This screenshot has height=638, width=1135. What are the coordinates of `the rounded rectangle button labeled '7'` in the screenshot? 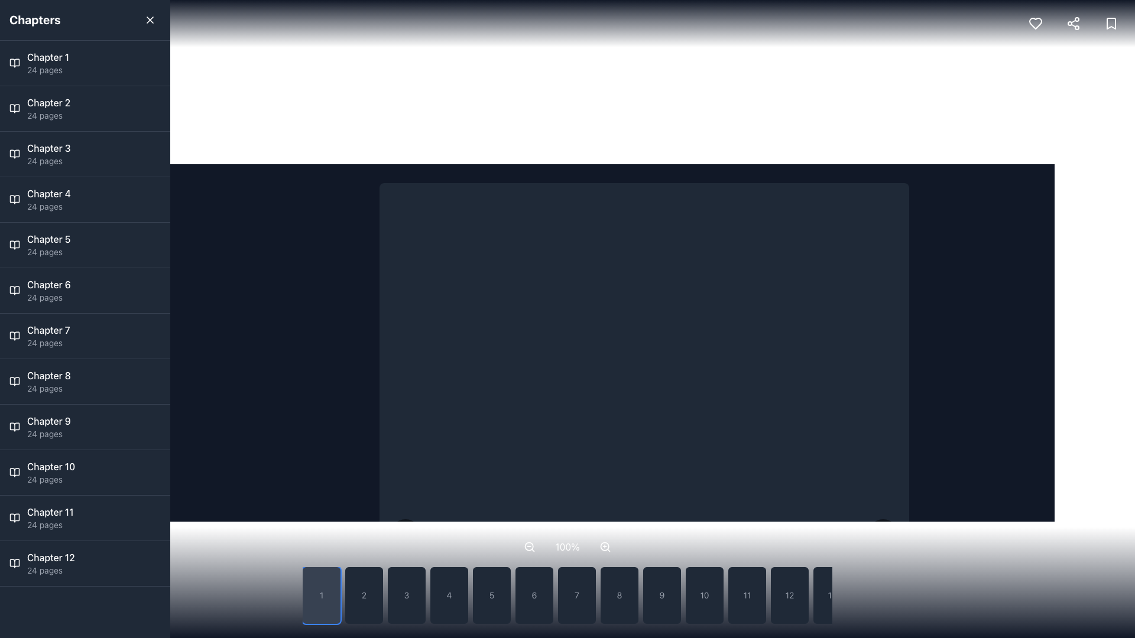 It's located at (567, 597).